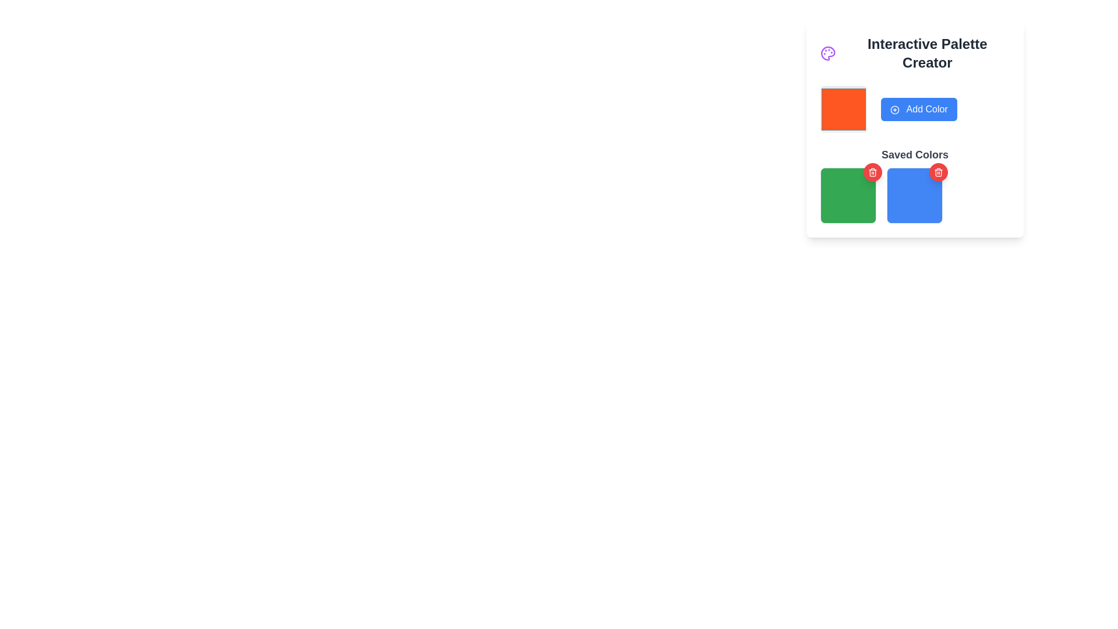 The height and width of the screenshot is (629, 1118). What do you see at coordinates (939, 173) in the screenshot?
I see `the central vertical rectangular outline component with rounded edges in the trash icon above the blue color block in the 'Saved Colors' section` at bounding box center [939, 173].